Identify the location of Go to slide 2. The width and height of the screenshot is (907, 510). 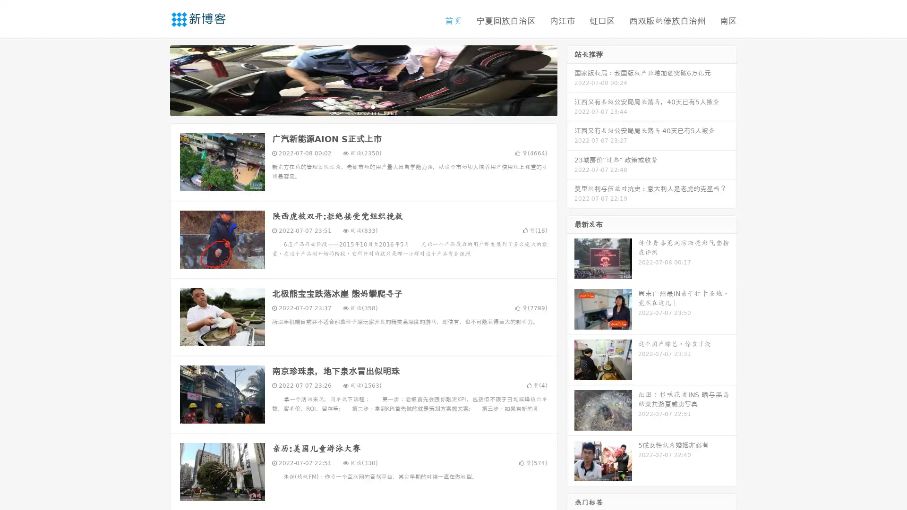
(363, 106).